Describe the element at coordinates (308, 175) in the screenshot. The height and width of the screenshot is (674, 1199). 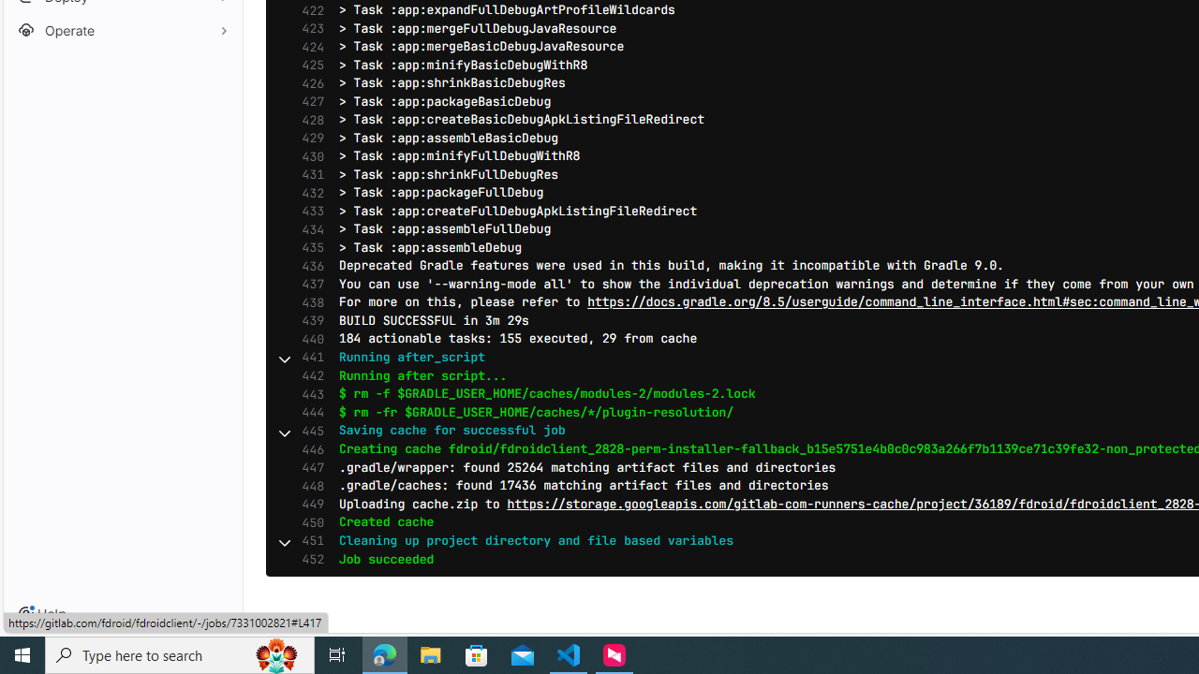
I see `'431'` at that location.